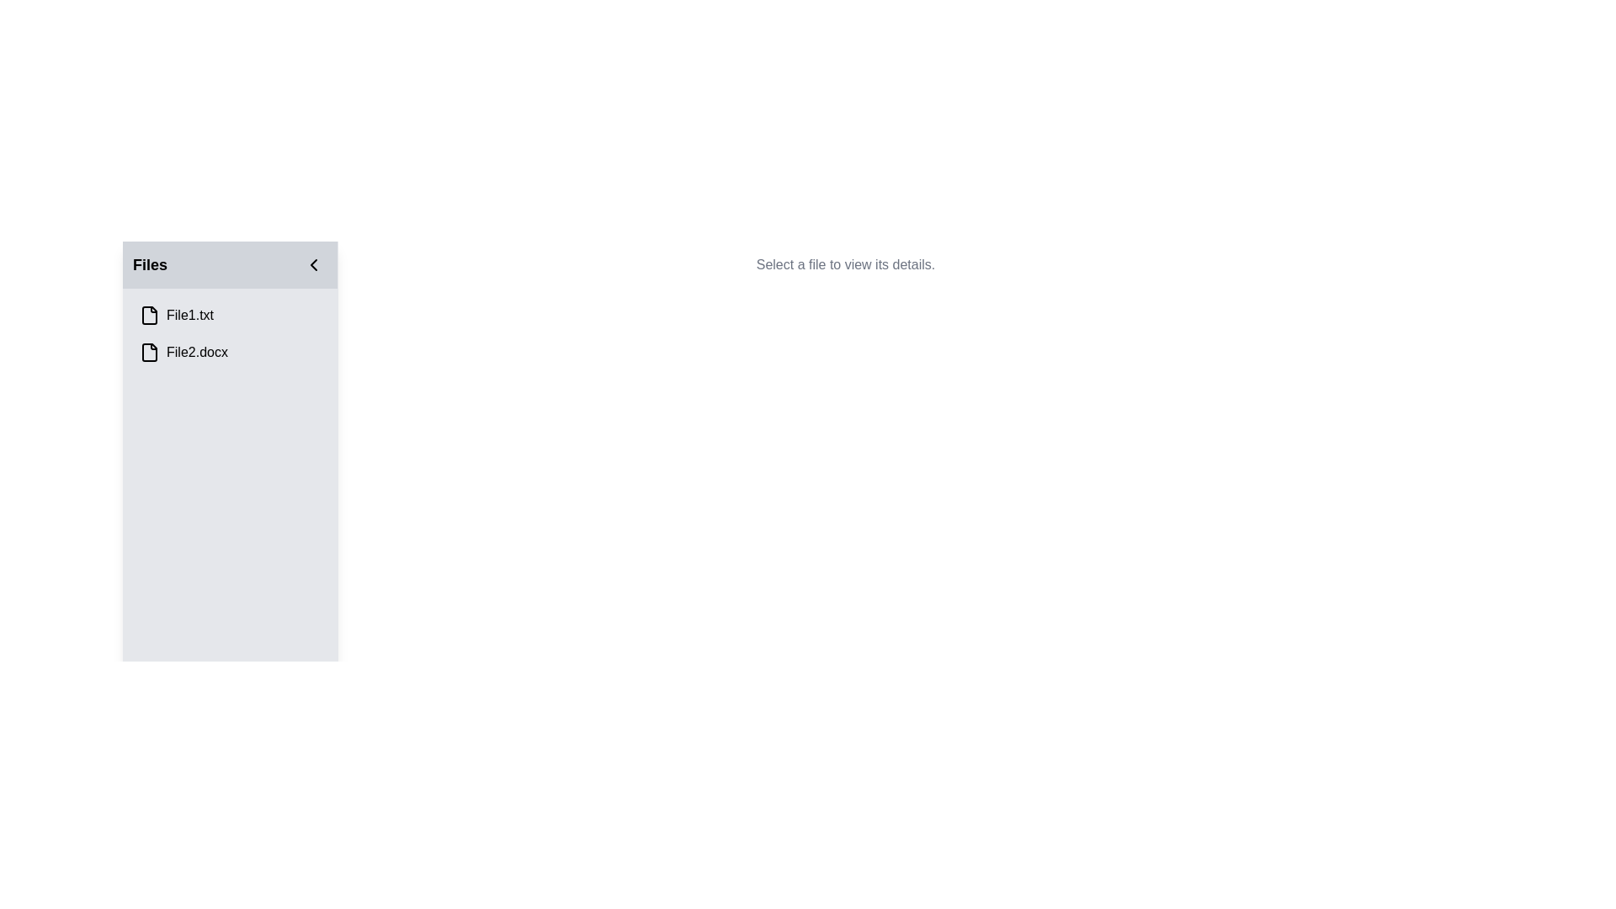 The image size is (1616, 909). I want to click on the text label displaying 'File2.docx', which is the second item in the list under the 'Files' section, so click(197, 352).